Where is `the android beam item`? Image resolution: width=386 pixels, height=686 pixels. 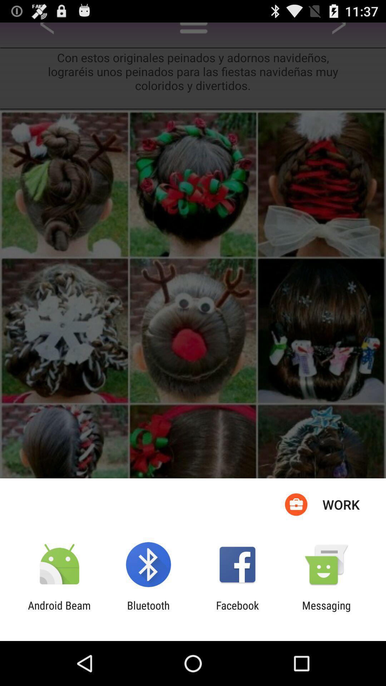
the android beam item is located at coordinates (59, 611).